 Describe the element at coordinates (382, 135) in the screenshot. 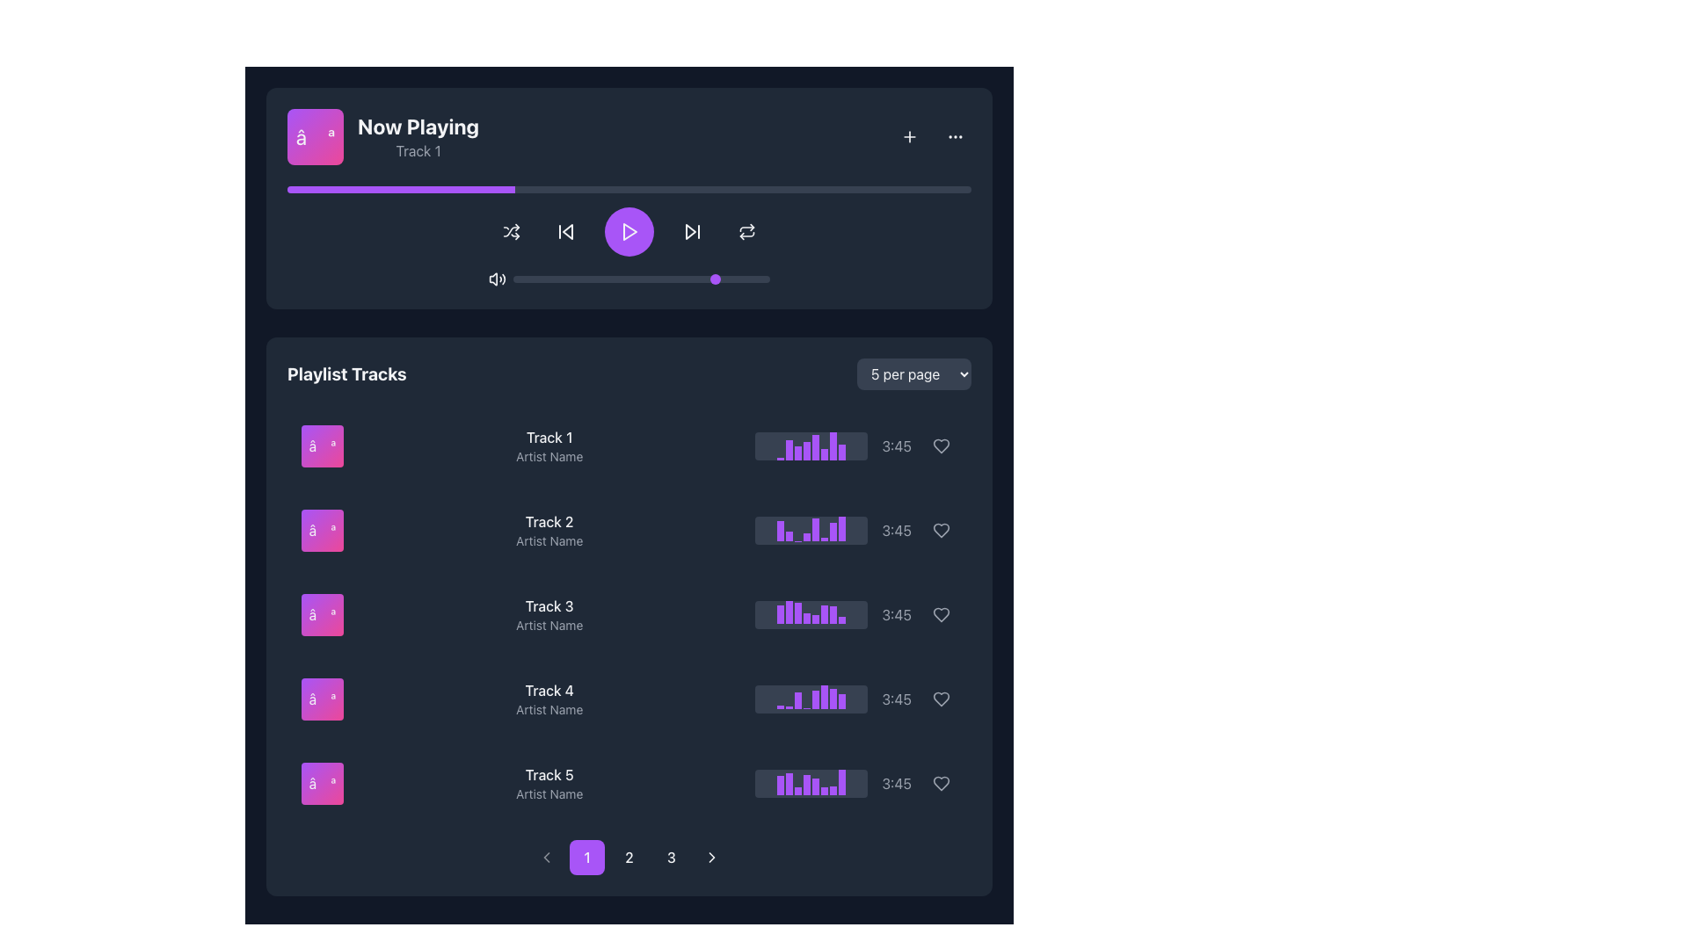

I see `the 'Now Playing' text label, which is located at the top left of the playback controls area, immediately to the right of a purple gradient square icon with a musical note symbol` at that location.